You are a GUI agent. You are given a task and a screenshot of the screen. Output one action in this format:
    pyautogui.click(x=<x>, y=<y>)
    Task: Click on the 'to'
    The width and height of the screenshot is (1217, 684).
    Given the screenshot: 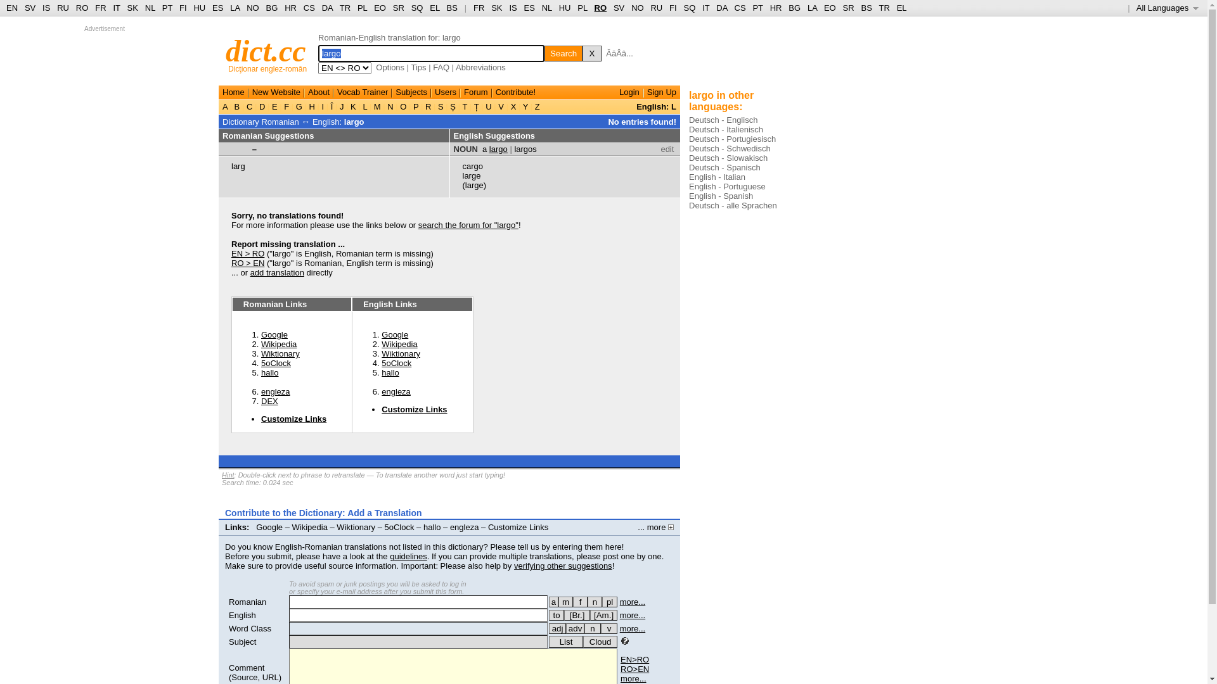 What is the action you would take?
    pyautogui.click(x=557, y=614)
    